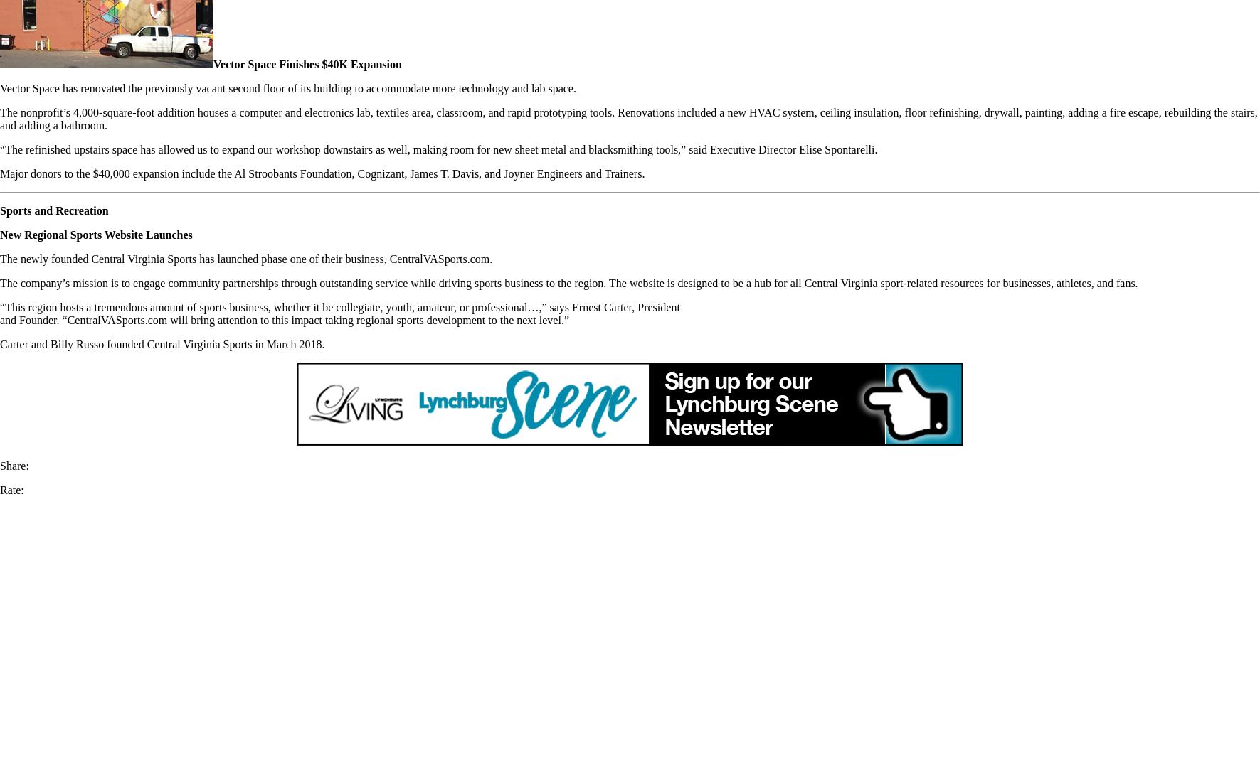 Image resolution: width=1260 pixels, height=757 pixels. What do you see at coordinates (0, 149) in the screenshot?
I see `'“The refinished upstairs space has allowed us to expand our workshop downstairs as well, making room for new sheet metal and blacksmithing tools,” said Executive Director Elise Spontarelli.'` at bounding box center [0, 149].